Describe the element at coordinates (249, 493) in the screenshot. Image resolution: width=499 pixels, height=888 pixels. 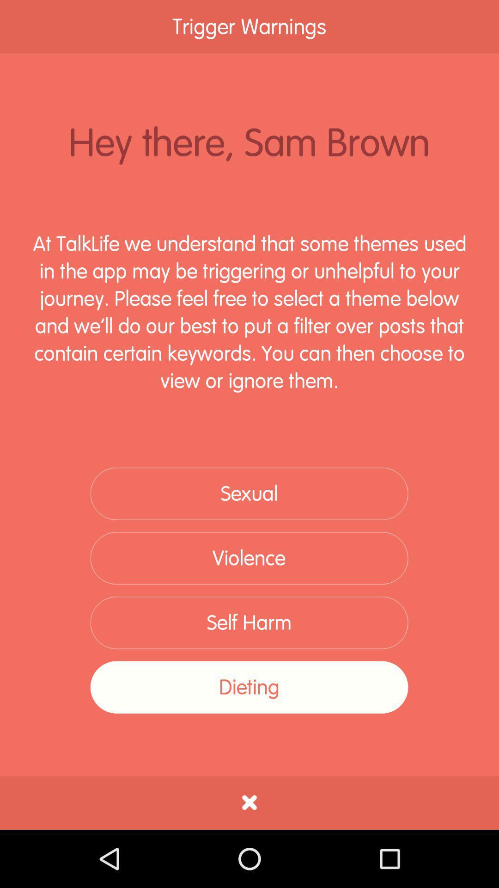
I see `the item above the violence item` at that location.